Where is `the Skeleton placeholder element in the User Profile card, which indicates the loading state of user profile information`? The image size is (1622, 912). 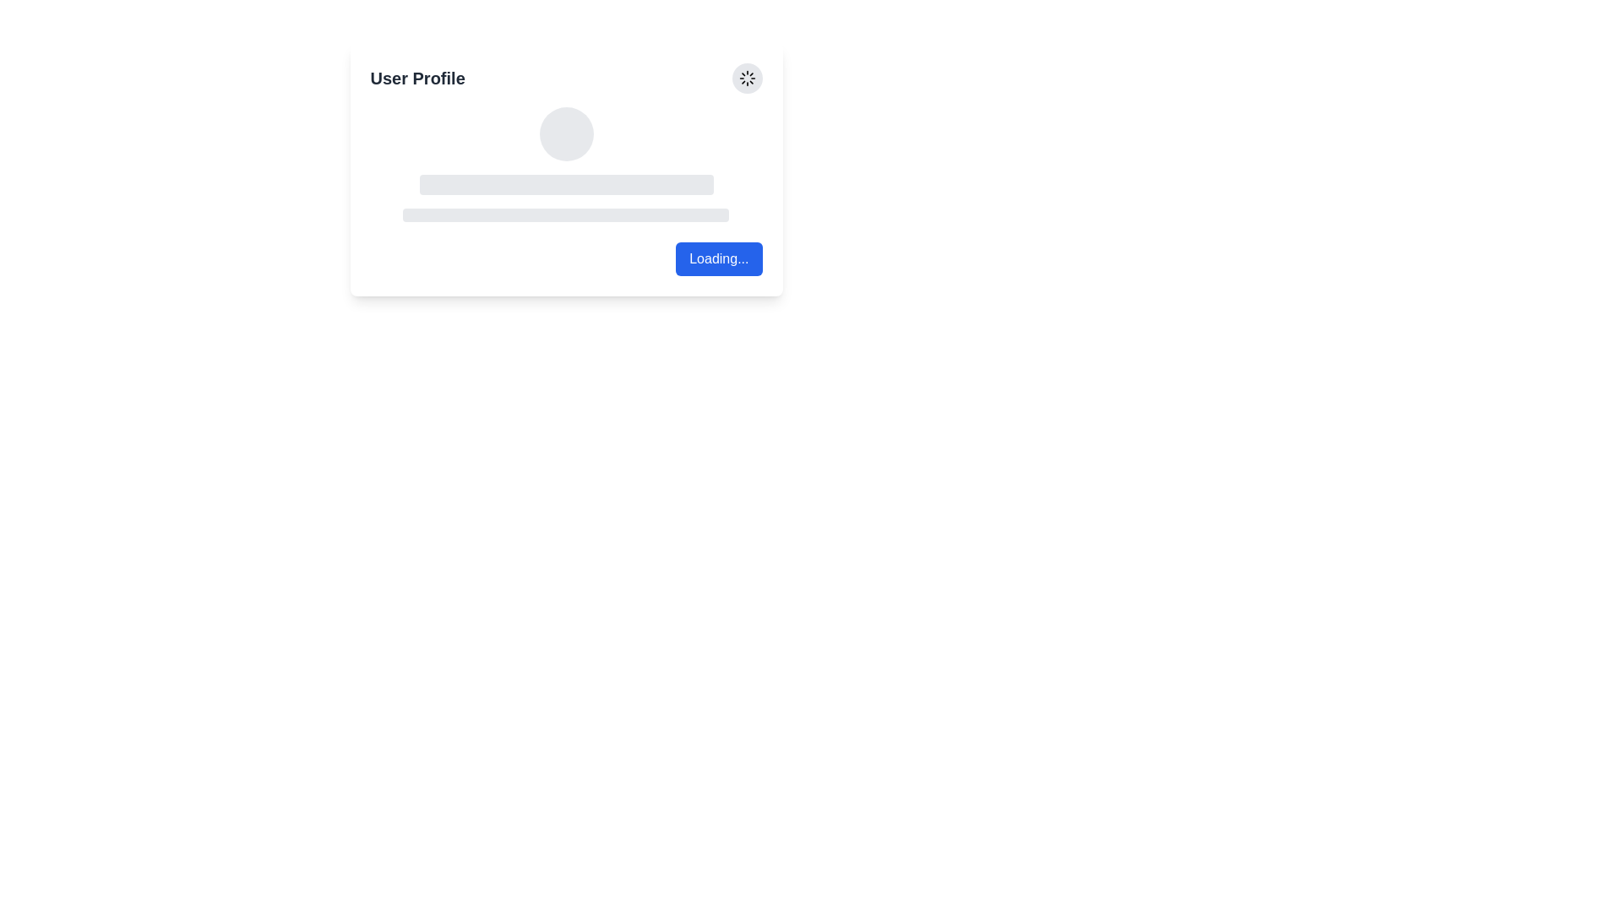
the Skeleton placeholder element in the User Profile card, which indicates the loading state of user profile information is located at coordinates (566, 165).